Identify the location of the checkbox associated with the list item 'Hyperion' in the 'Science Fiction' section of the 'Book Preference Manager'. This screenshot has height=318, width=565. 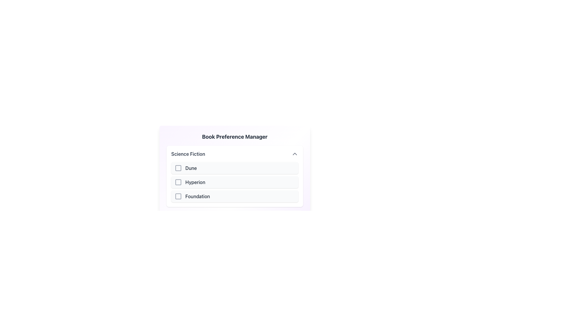
(178, 182).